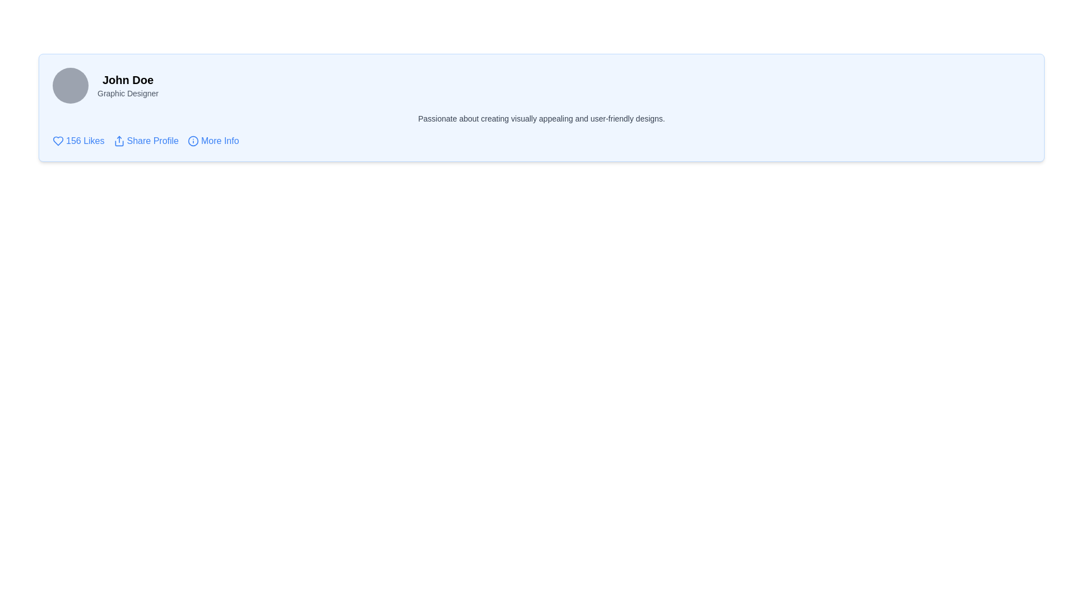 The height and width of the screenshot is (605, 1076). What do you see at coordinates (145, 140) in the screenshot?
I see `the share button located centrally between the '156 Likes' element on the left and the 'More Info' element on the right` at bounding box center [145, 140].